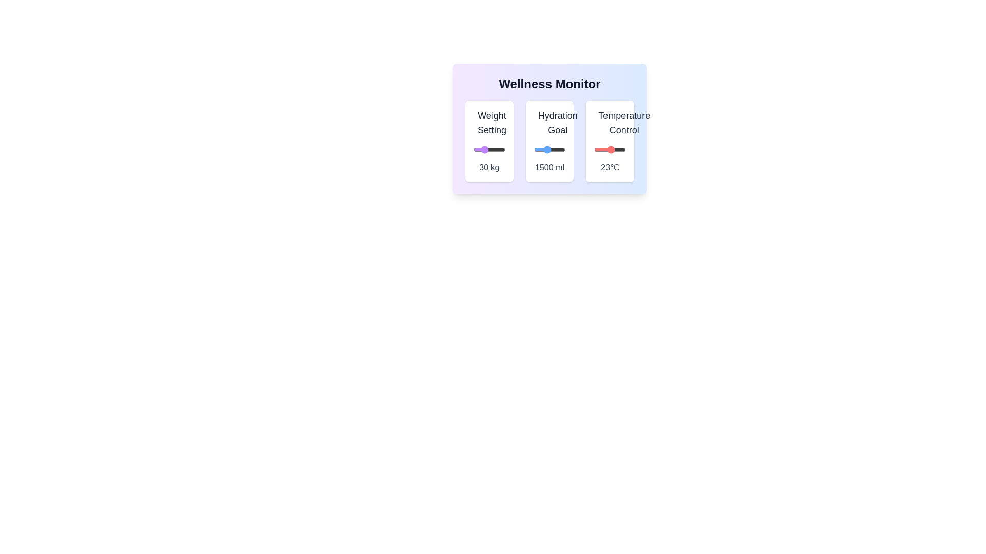 This screenshot has height=554, width=986. I want to click on weight, so click(501, 150).